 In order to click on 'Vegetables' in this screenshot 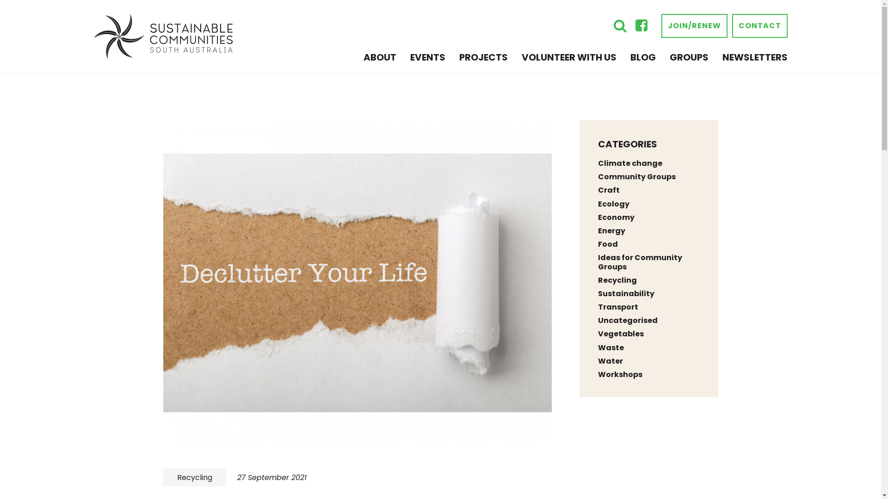, I will do `click(597, 334)`.